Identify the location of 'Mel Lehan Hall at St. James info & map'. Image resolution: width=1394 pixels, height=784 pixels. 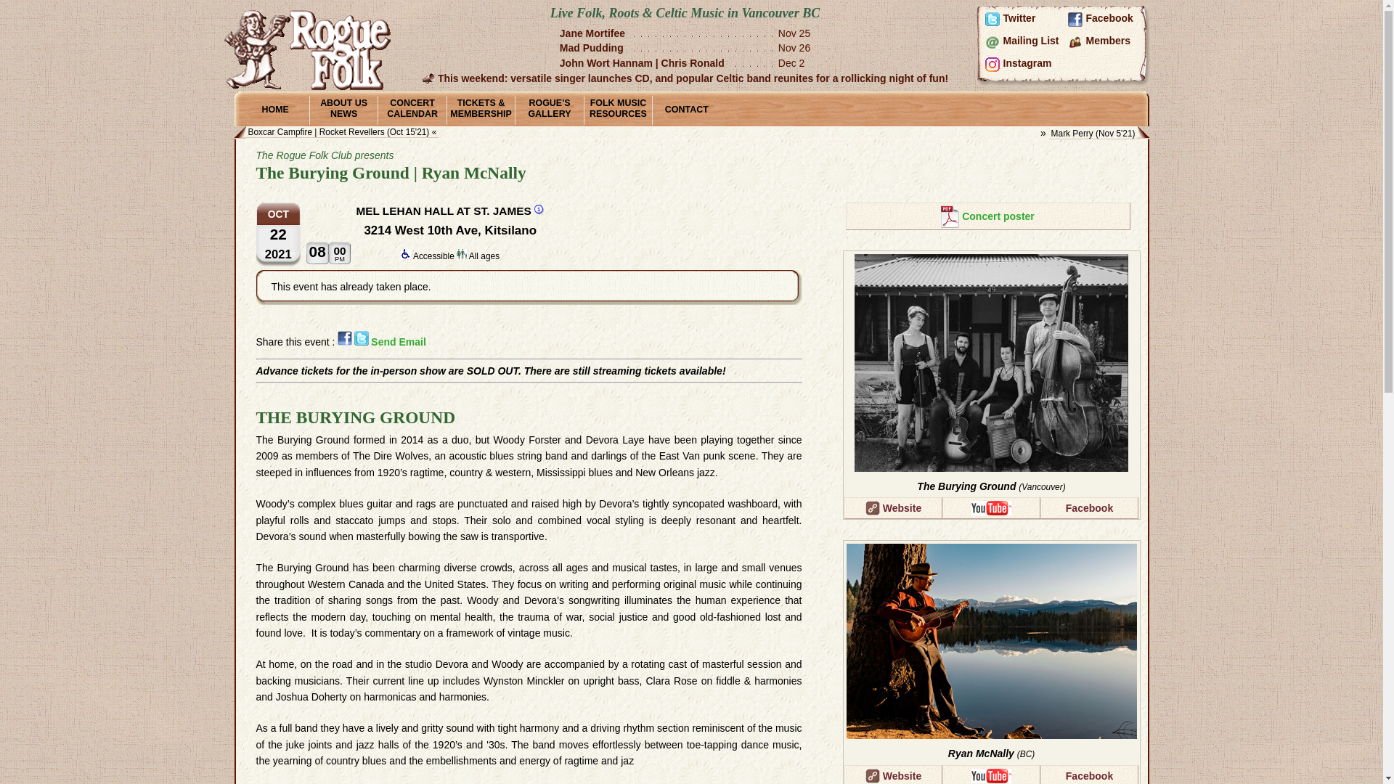
(539, 210).